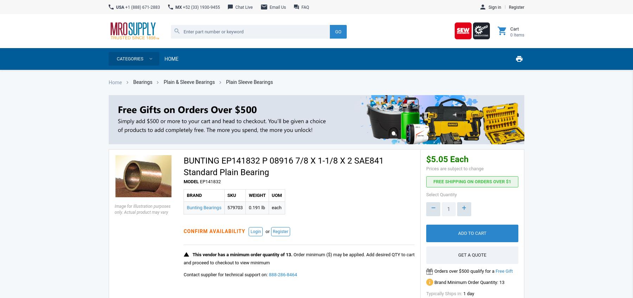 This screenshot has width=633, height=298. What do you see at coordinates (472, 233) in the screenshot?
I see `'ADD TO CART'` at bounding box center [472, 233].